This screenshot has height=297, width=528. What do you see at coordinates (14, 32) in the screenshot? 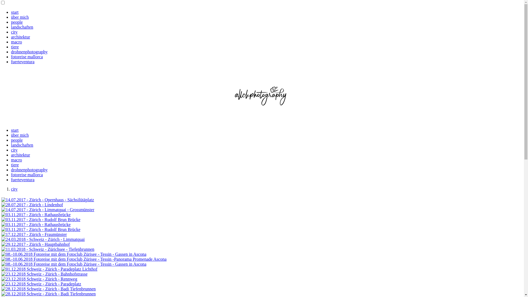
I see `'city'` at bounding box center [14, 32].